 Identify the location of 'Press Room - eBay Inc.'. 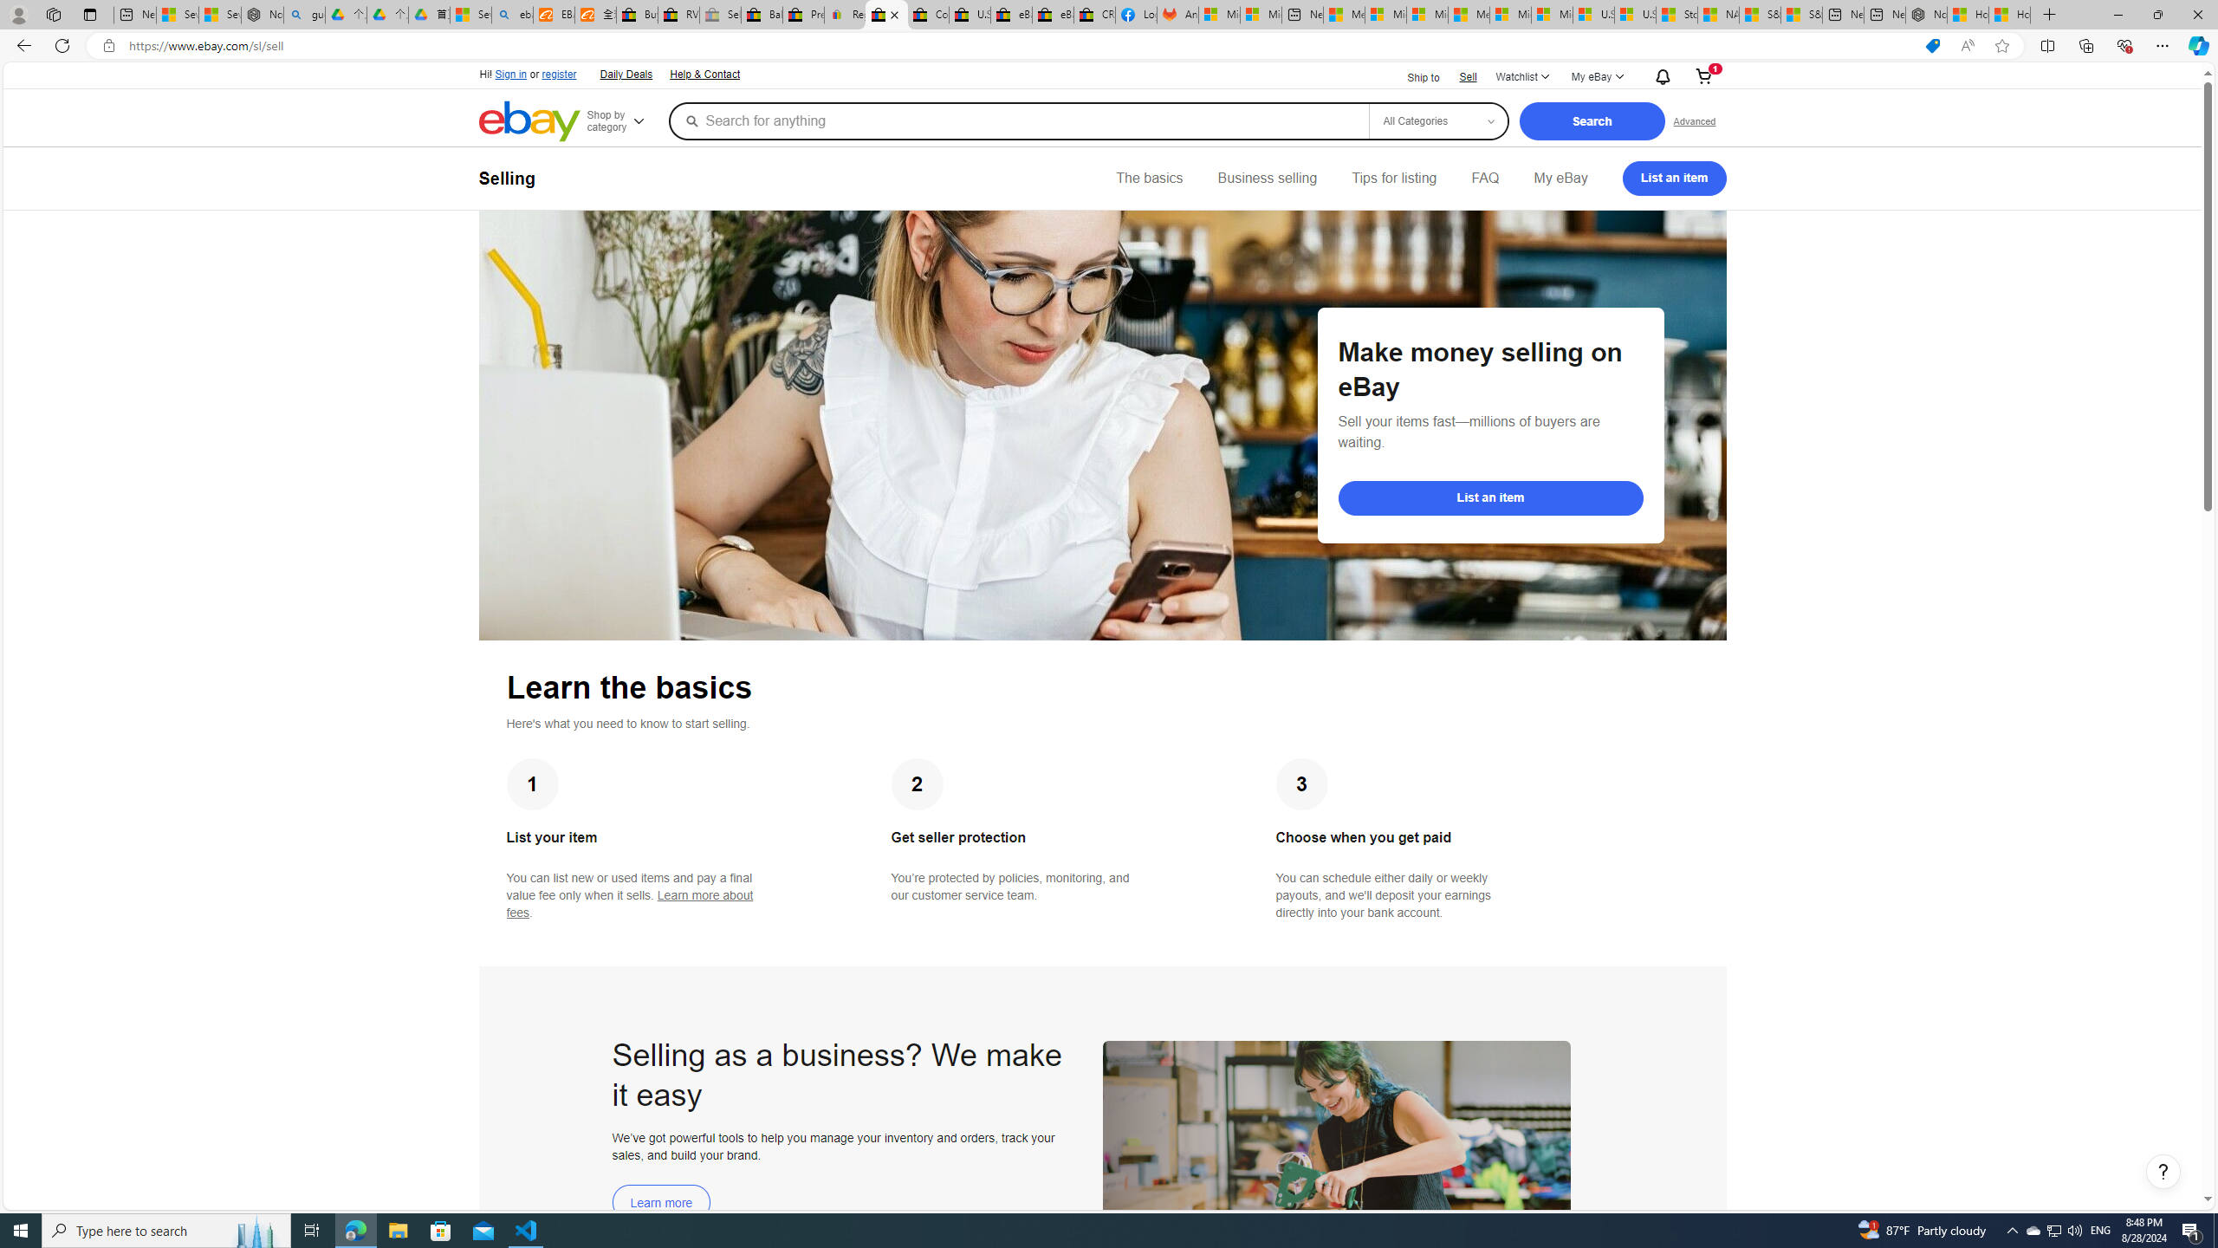
(804, 14).